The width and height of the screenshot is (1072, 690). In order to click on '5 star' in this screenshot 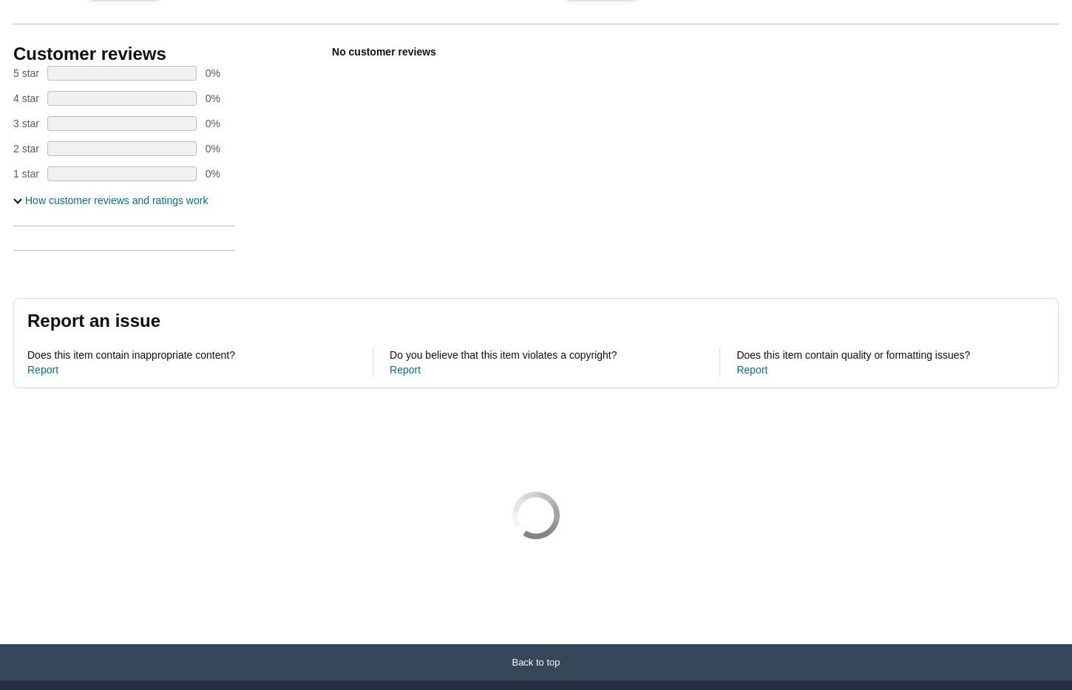, I will do `click(26, 72)`.